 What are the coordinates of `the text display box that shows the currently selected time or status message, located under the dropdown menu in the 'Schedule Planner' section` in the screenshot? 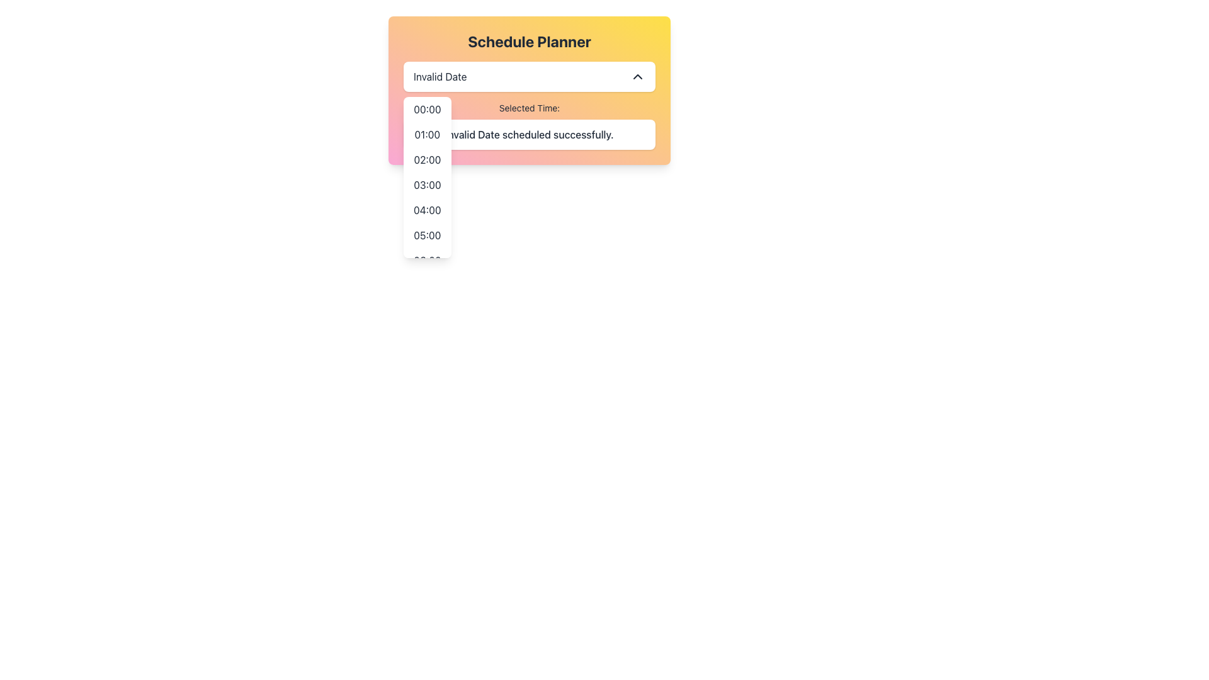 It's located at (529, 126).